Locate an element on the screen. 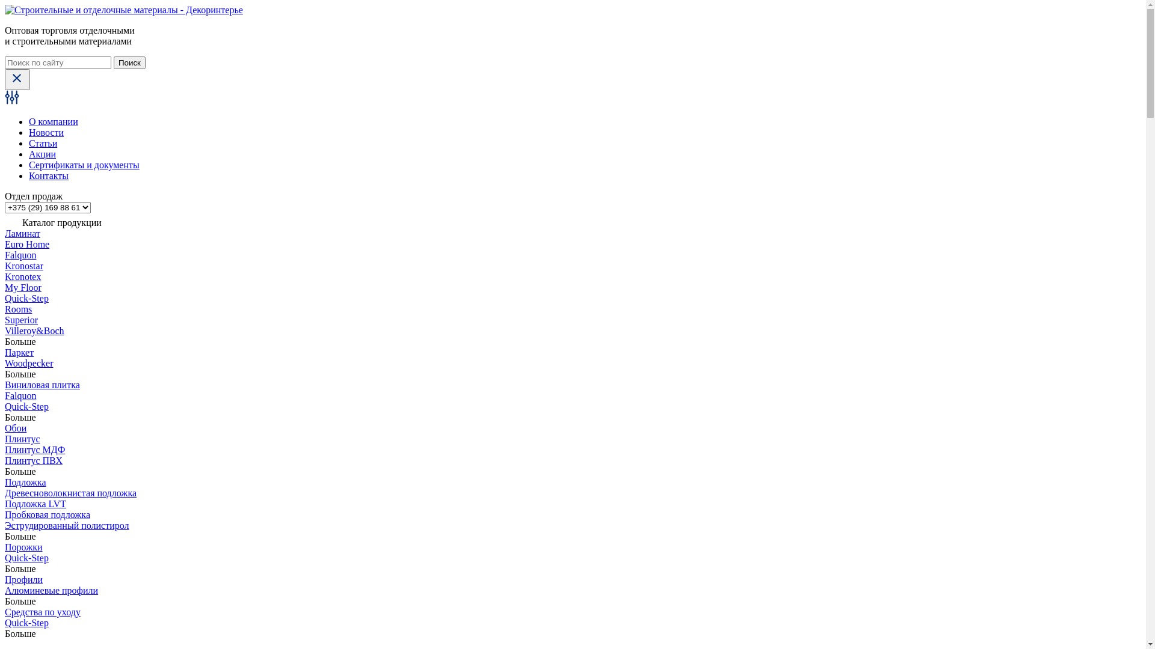 The height and width of the screenshot is (649, 1155). 'Falquon' is located at coordinates (20, 254).